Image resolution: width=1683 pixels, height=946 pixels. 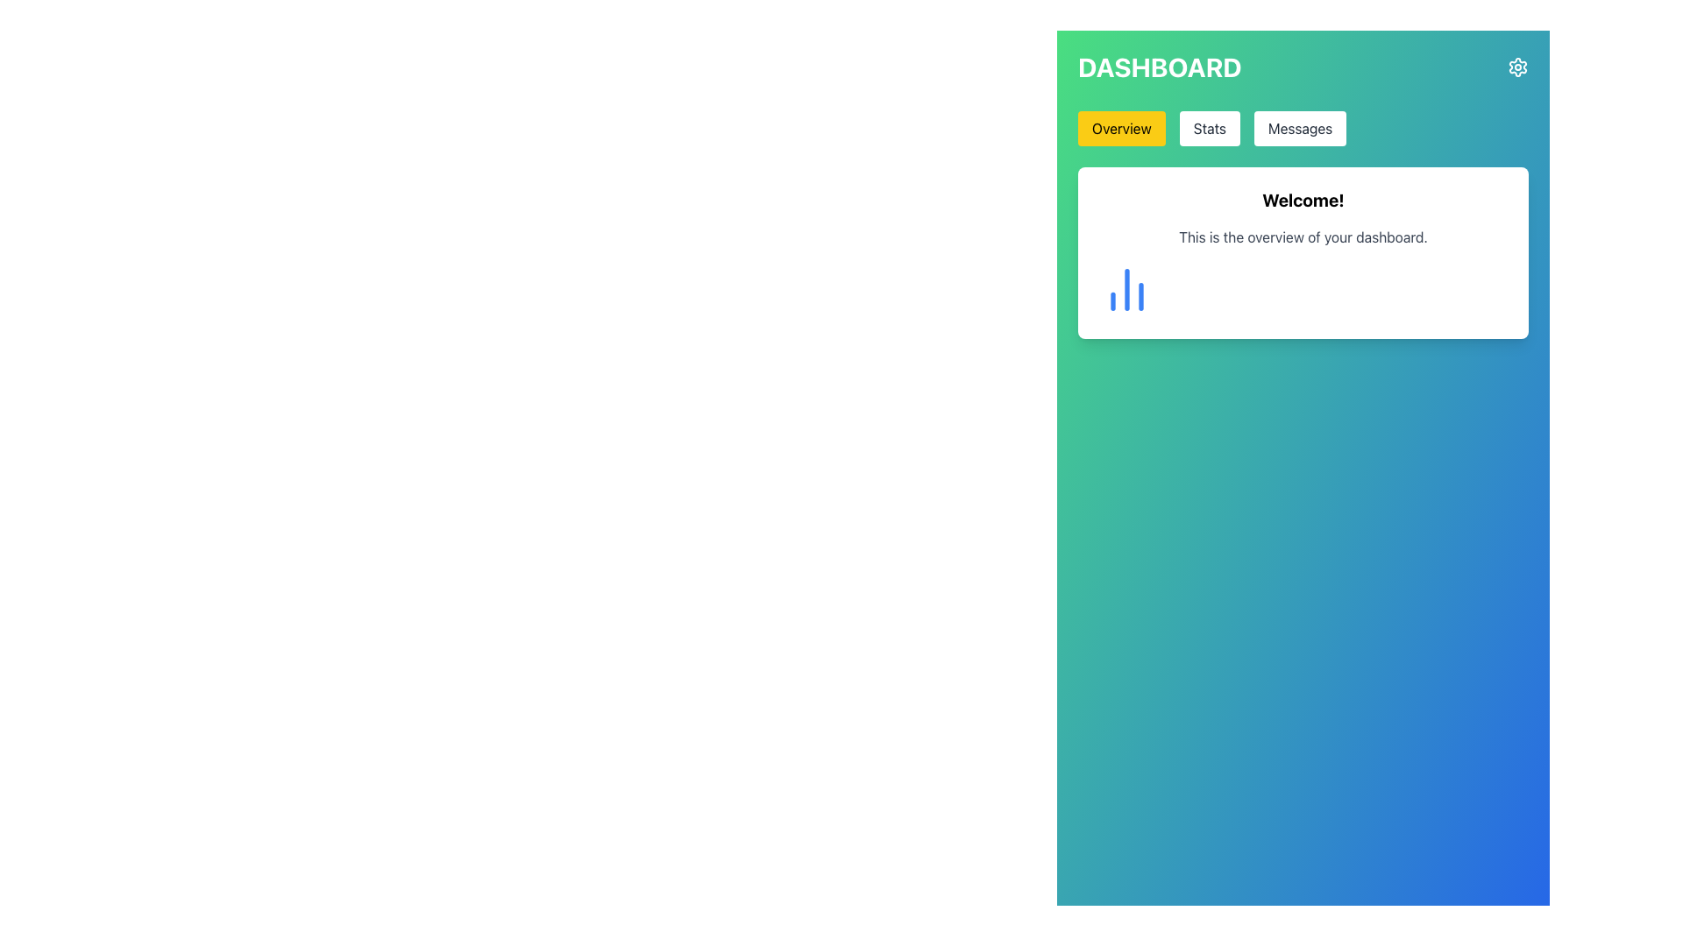 I want to click on the gear-shaped icon button styled as a settings button located at the top right corner of the dashboard header, so click(x=1517, y=67).